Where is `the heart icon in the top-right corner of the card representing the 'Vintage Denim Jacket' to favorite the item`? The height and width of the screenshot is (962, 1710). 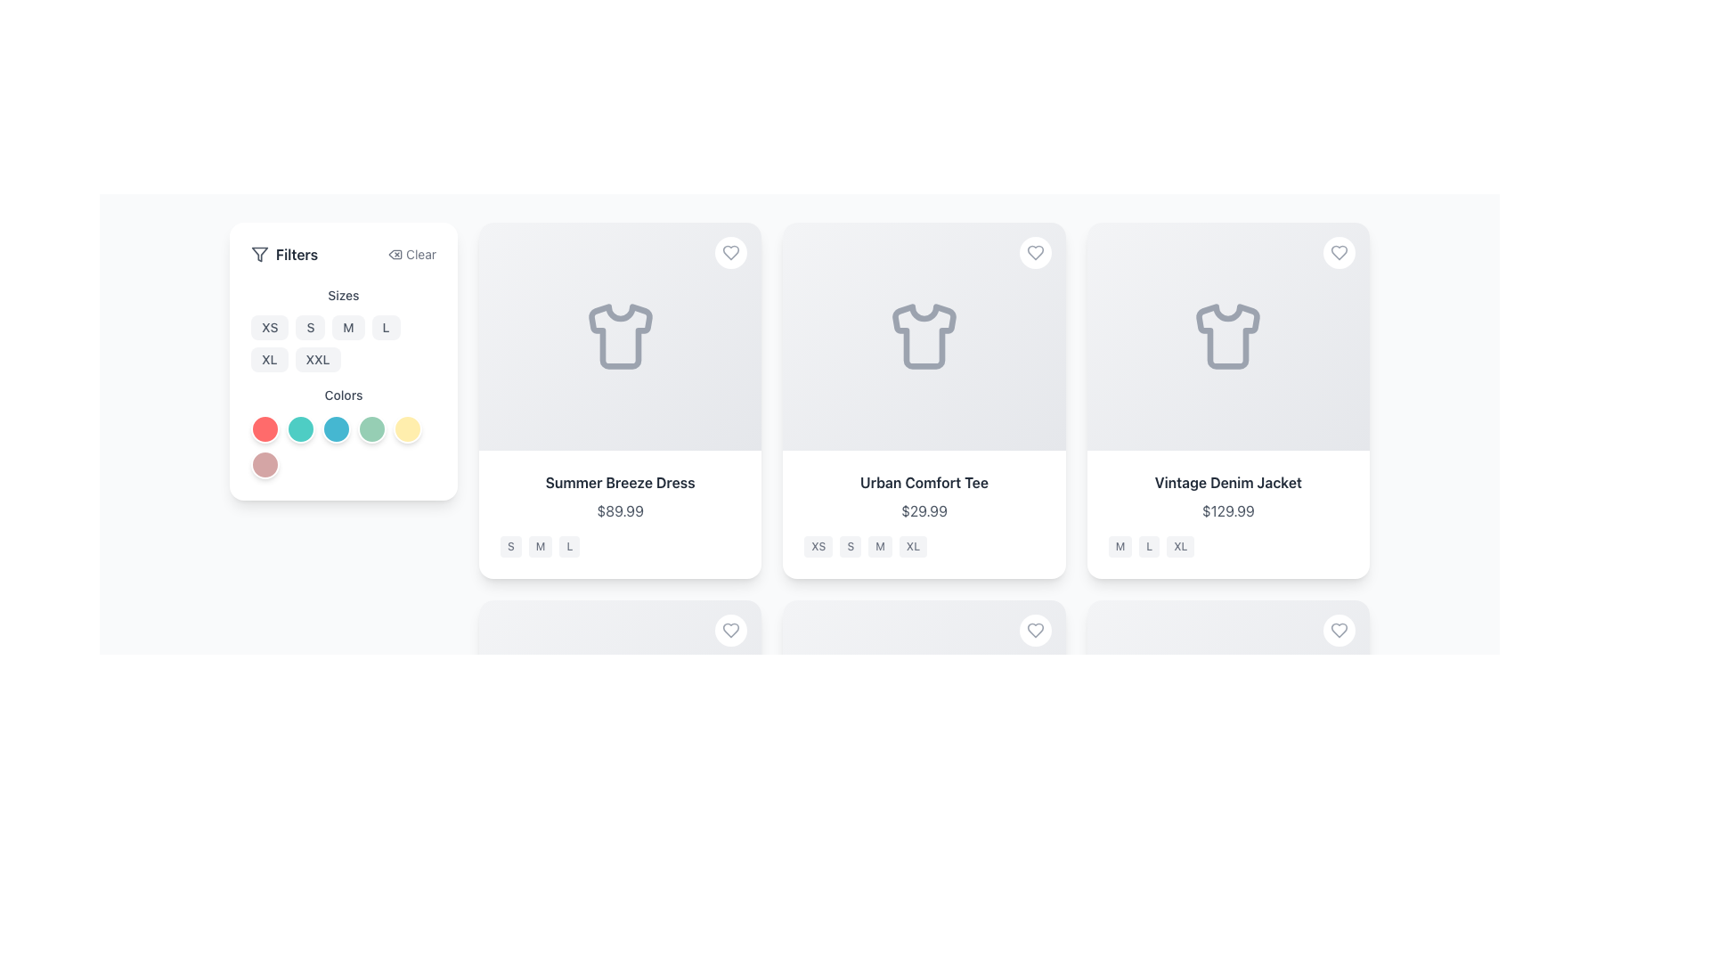 the heart icon in the top-right corner of the card representing the 'Vintage Denim Jacket' to favorite the item is located at coordinates (1035, 630).